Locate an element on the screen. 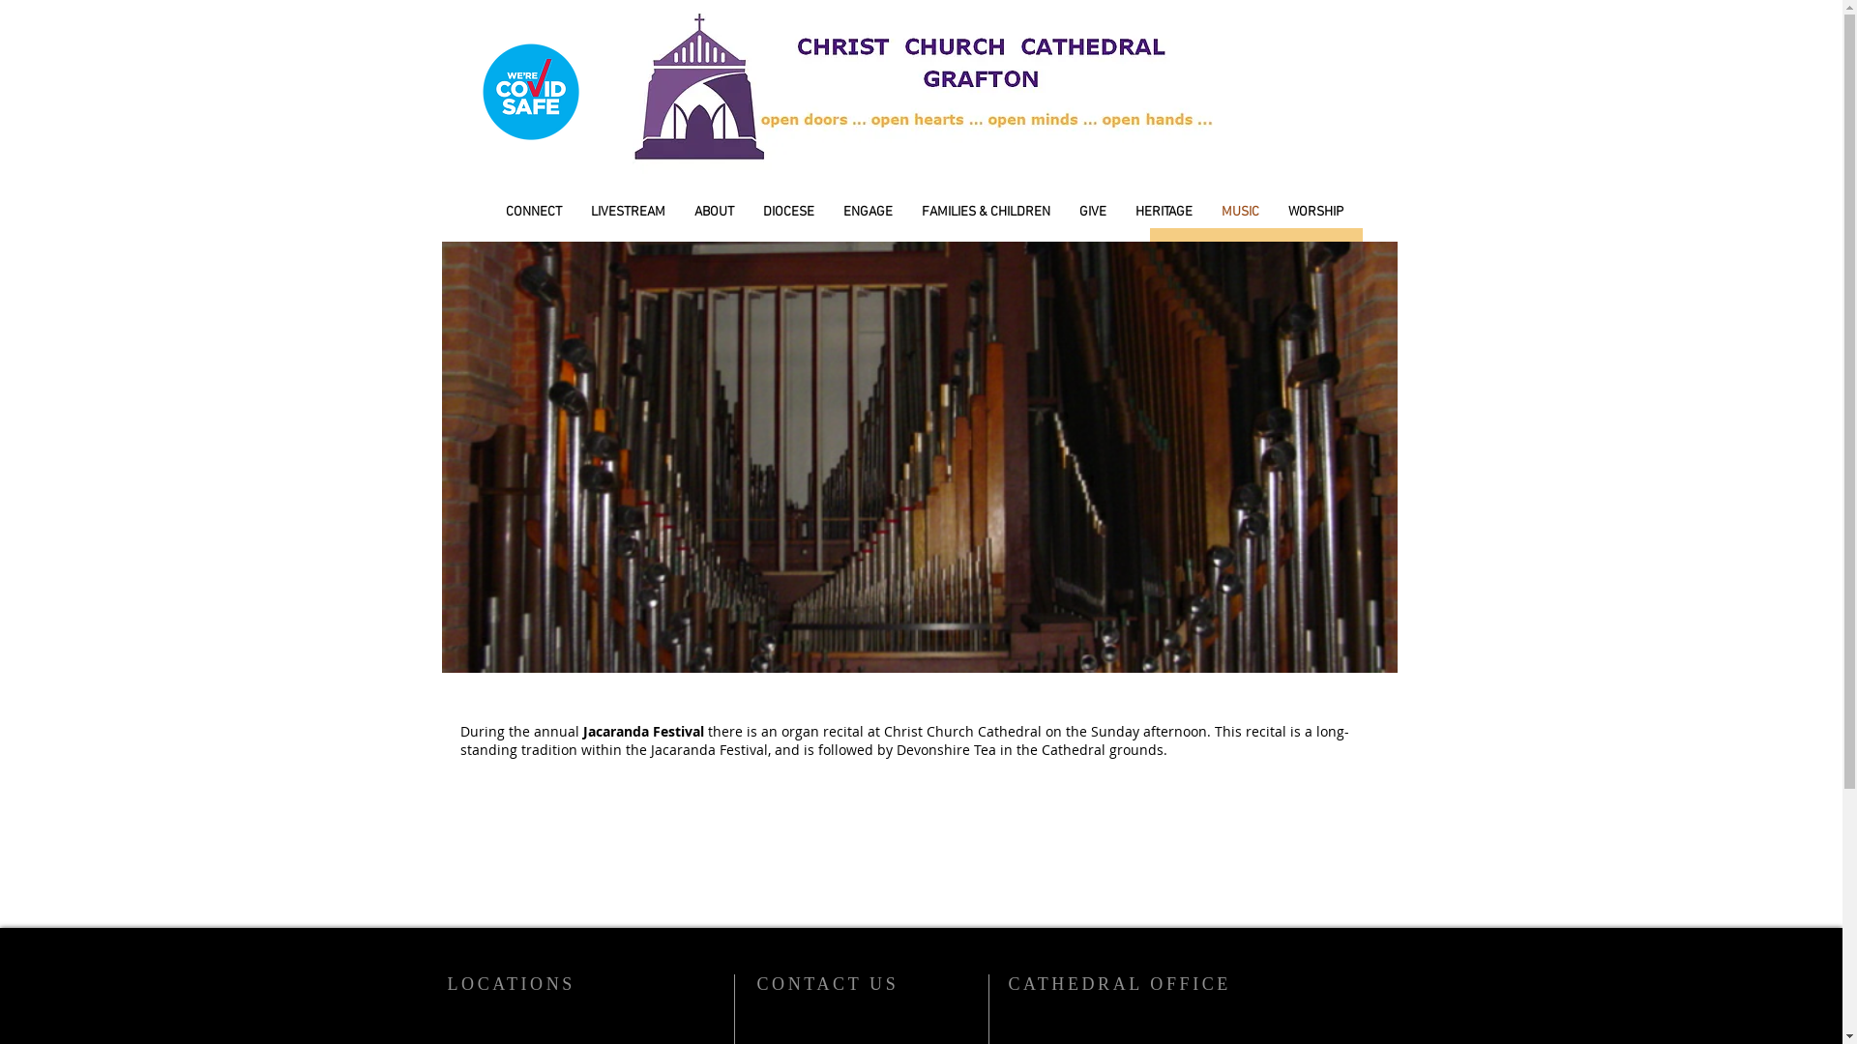 The width and height of the screenshot is (1857, 1044). 'GIVE' is located at coordinates (1092, 212).